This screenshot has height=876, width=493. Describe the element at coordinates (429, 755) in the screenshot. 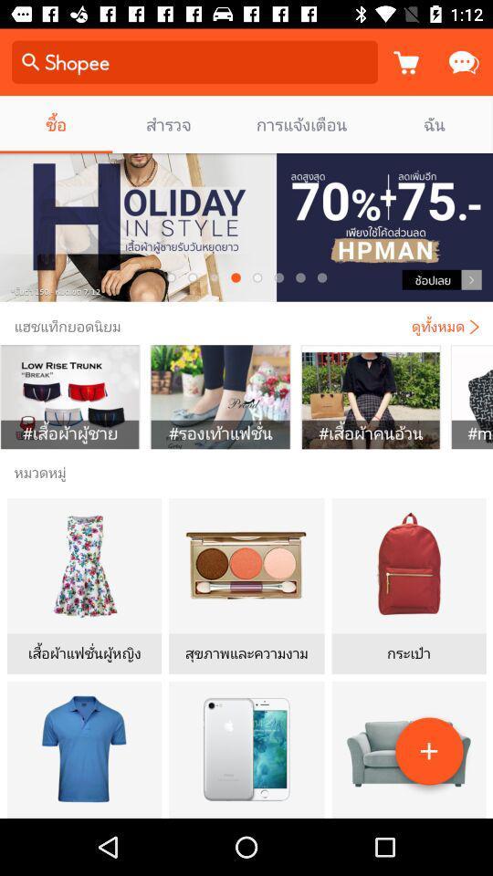

I see `the add icon` at that location.